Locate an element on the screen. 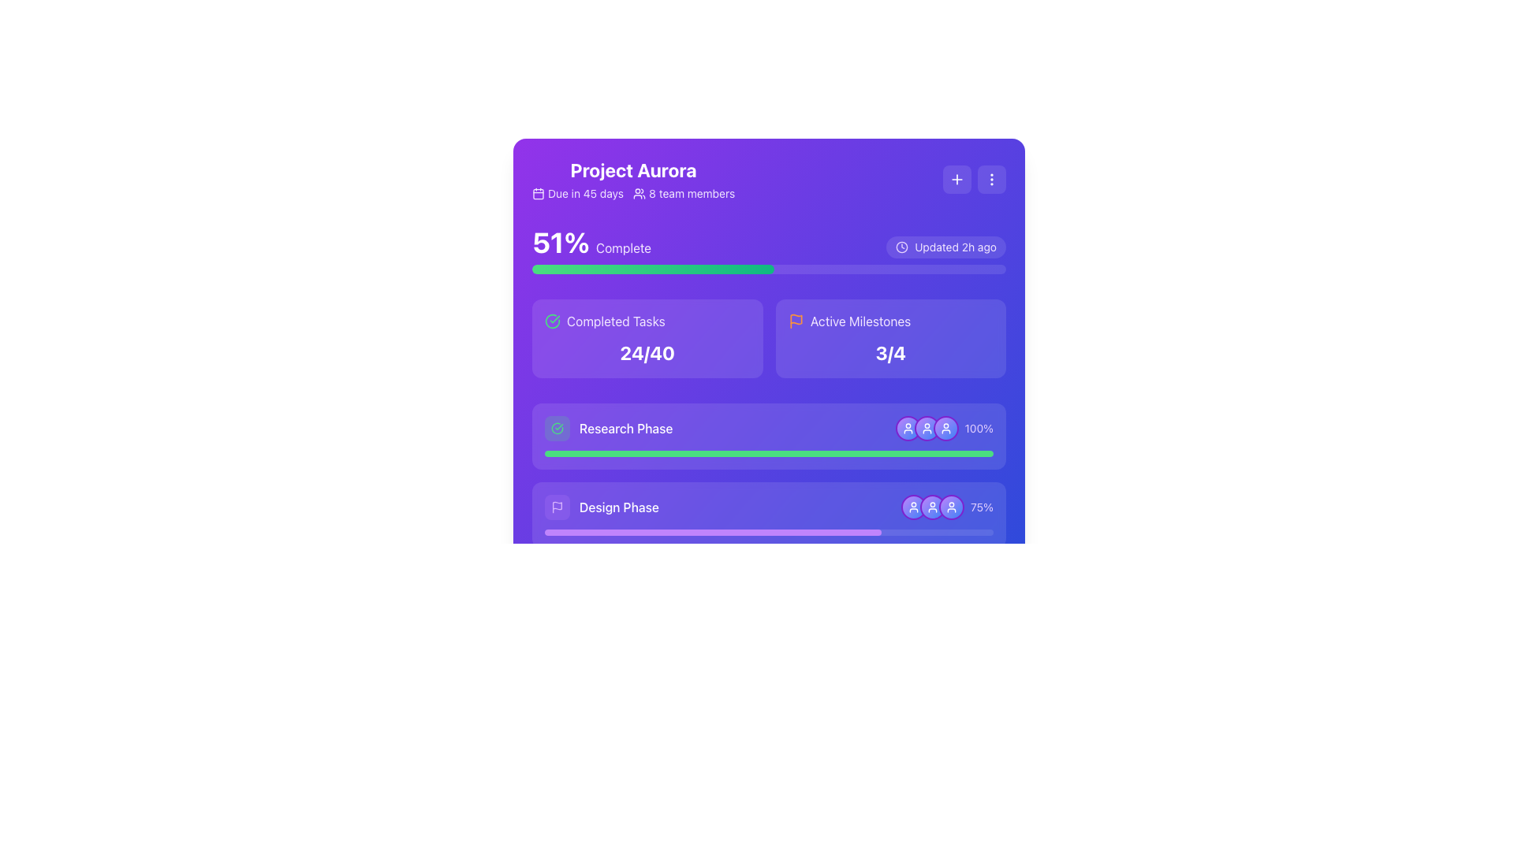  displayed numbers '24' and '40' from the text display with a bold white font on a purple background, located in the 'Completed Tasks' section is located at coordinates (647, 351).